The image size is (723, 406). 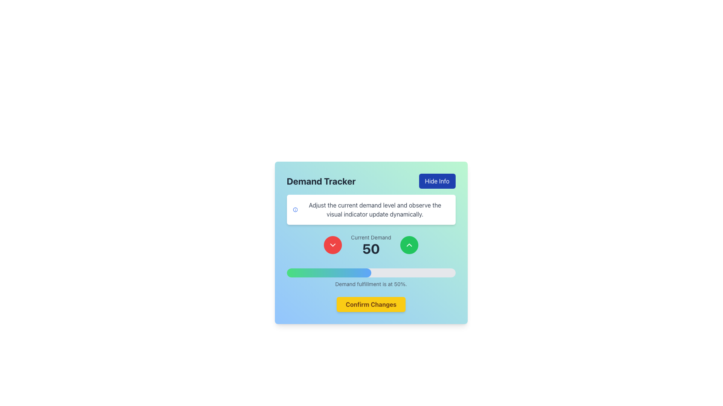 What do you see at coordinates (371, 304) in the screenshot?
I see `the confirm button located at the bottom center of the 'Demand Tracker' interface to apply changes to the current demand level` at bounding box center [371, 304].